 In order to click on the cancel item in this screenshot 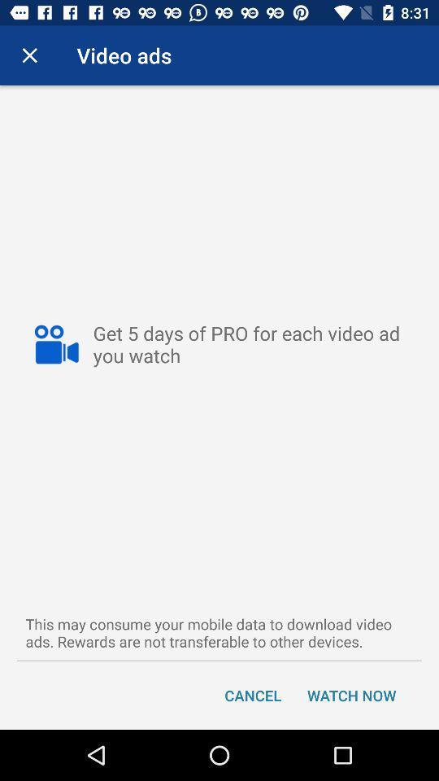, I will do `click(253, 694)`.